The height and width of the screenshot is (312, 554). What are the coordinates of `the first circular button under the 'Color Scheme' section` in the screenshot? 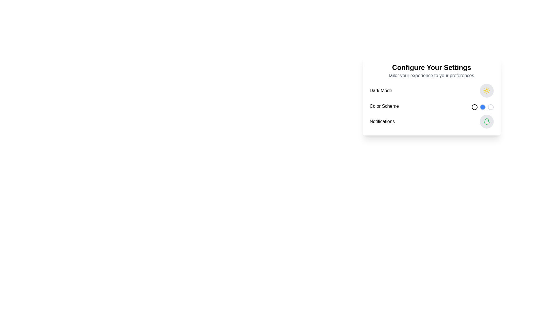 It's located at (475, 107).